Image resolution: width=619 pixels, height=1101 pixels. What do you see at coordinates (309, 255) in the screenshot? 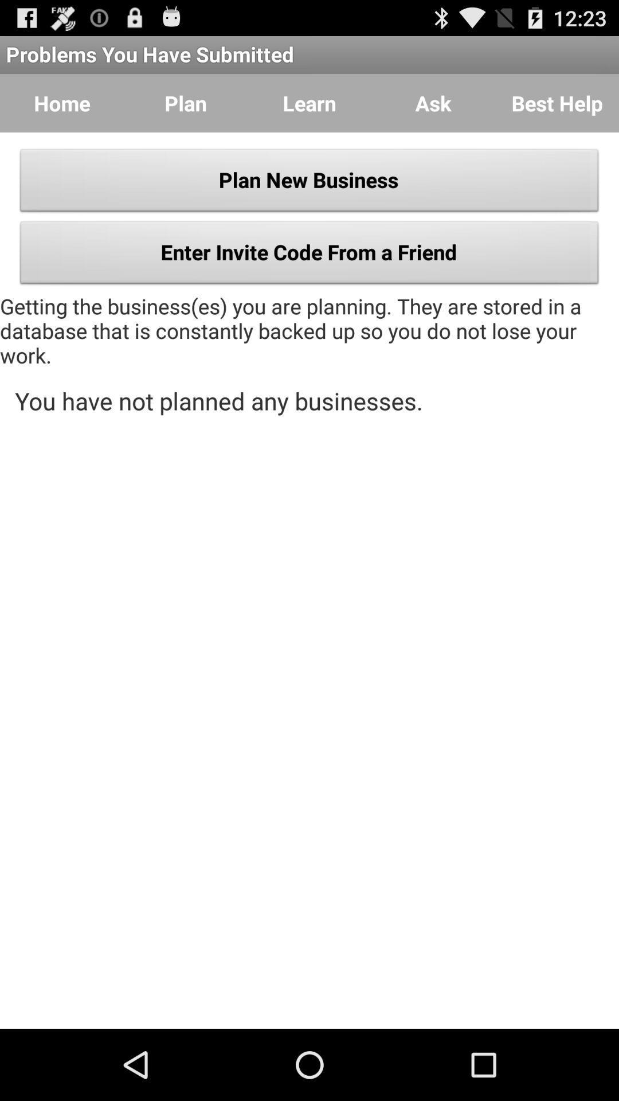
I see `button below the plan new business icon` at bounding box center [309, 255].